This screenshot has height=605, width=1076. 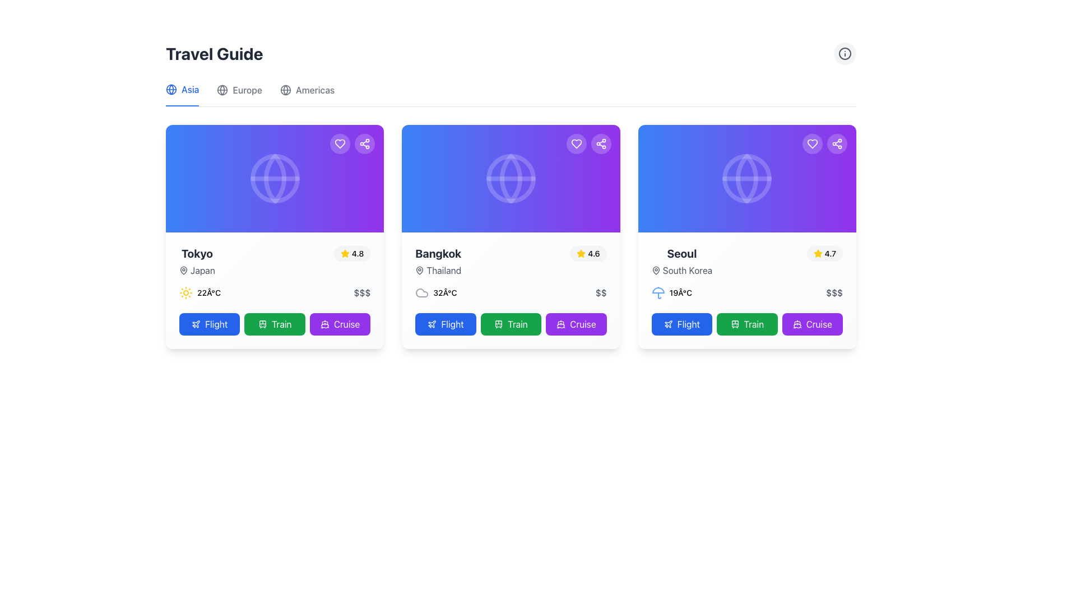 What do you see at coordinates (511, 261) in the screenshot?
I see `the informational display showing 'Bangkok, Thailand' with a rating of '4.6' located in the second card of the destination list` at bounding box center [511, 261].